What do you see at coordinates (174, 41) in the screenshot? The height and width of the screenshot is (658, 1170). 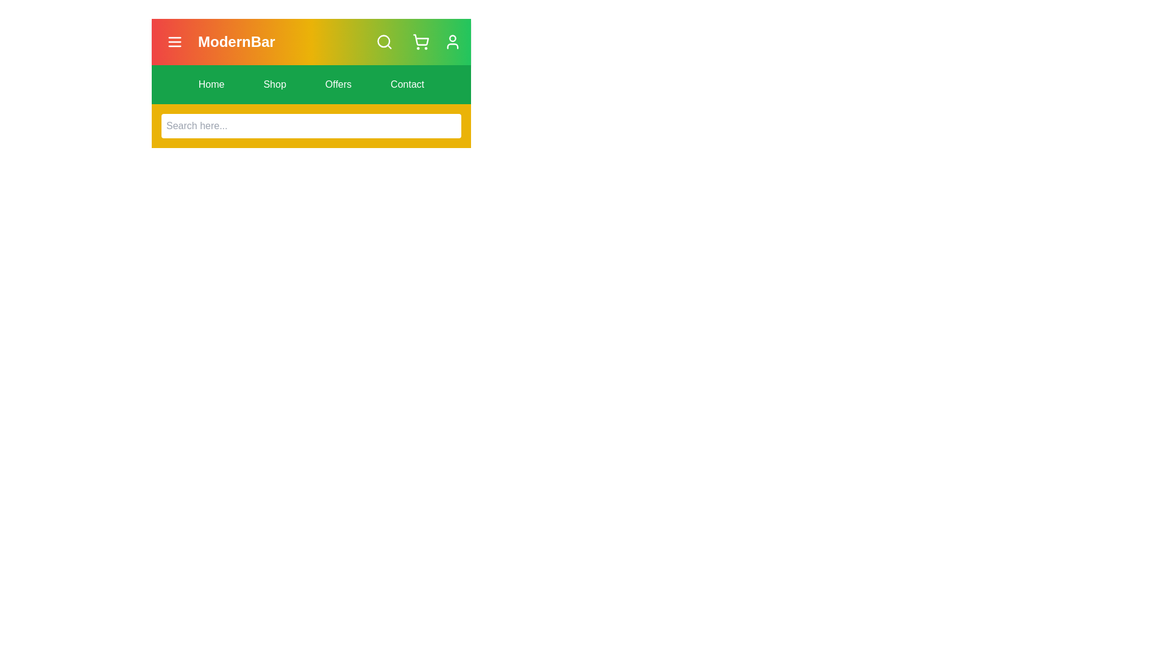 I see `the menu button to toggle the menu visibility` at bounding box center [174, 41].